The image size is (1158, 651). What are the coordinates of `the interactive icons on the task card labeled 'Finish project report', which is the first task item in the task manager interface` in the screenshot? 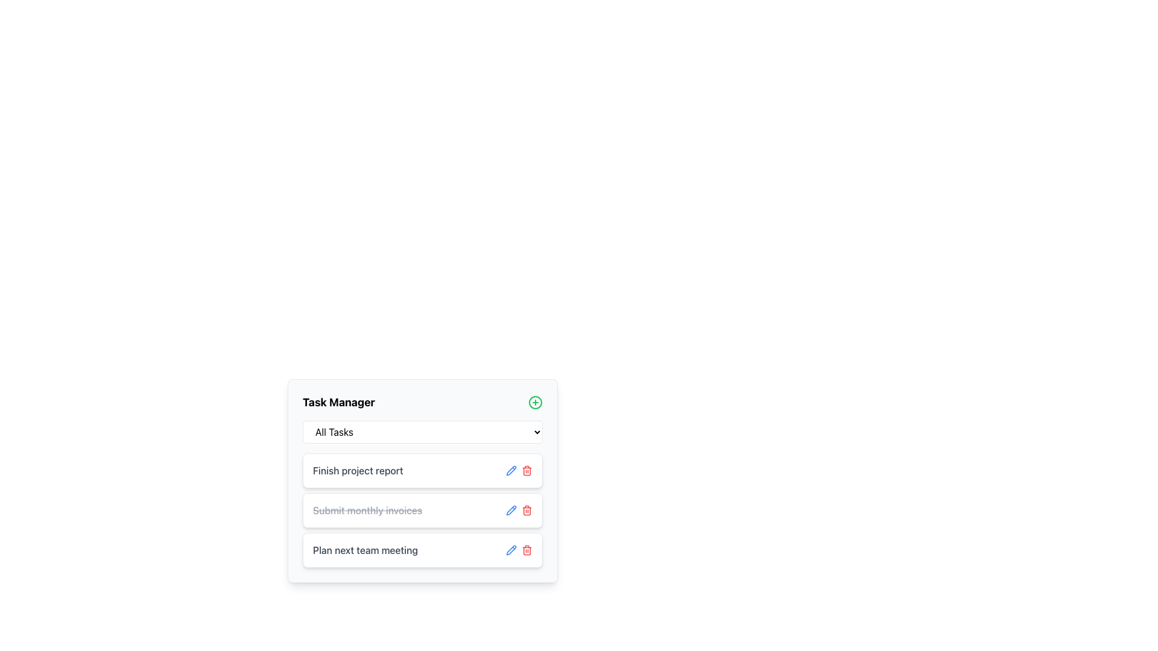 It's located at (422, 470).